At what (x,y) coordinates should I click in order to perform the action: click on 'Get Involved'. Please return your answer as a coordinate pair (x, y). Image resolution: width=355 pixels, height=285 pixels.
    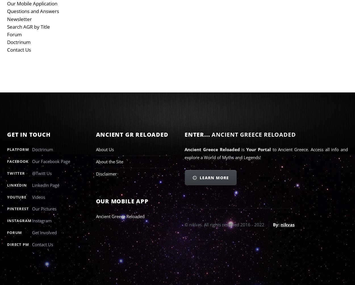
    Looking at the image, I should click on (44, 232).